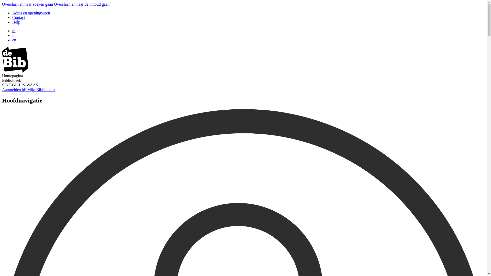 The width and height of the screenshot is (491, 276). What do you see at coordinates (16, 22) in the screenshot?
I see `'Help'` at bounding box center [16, 22].